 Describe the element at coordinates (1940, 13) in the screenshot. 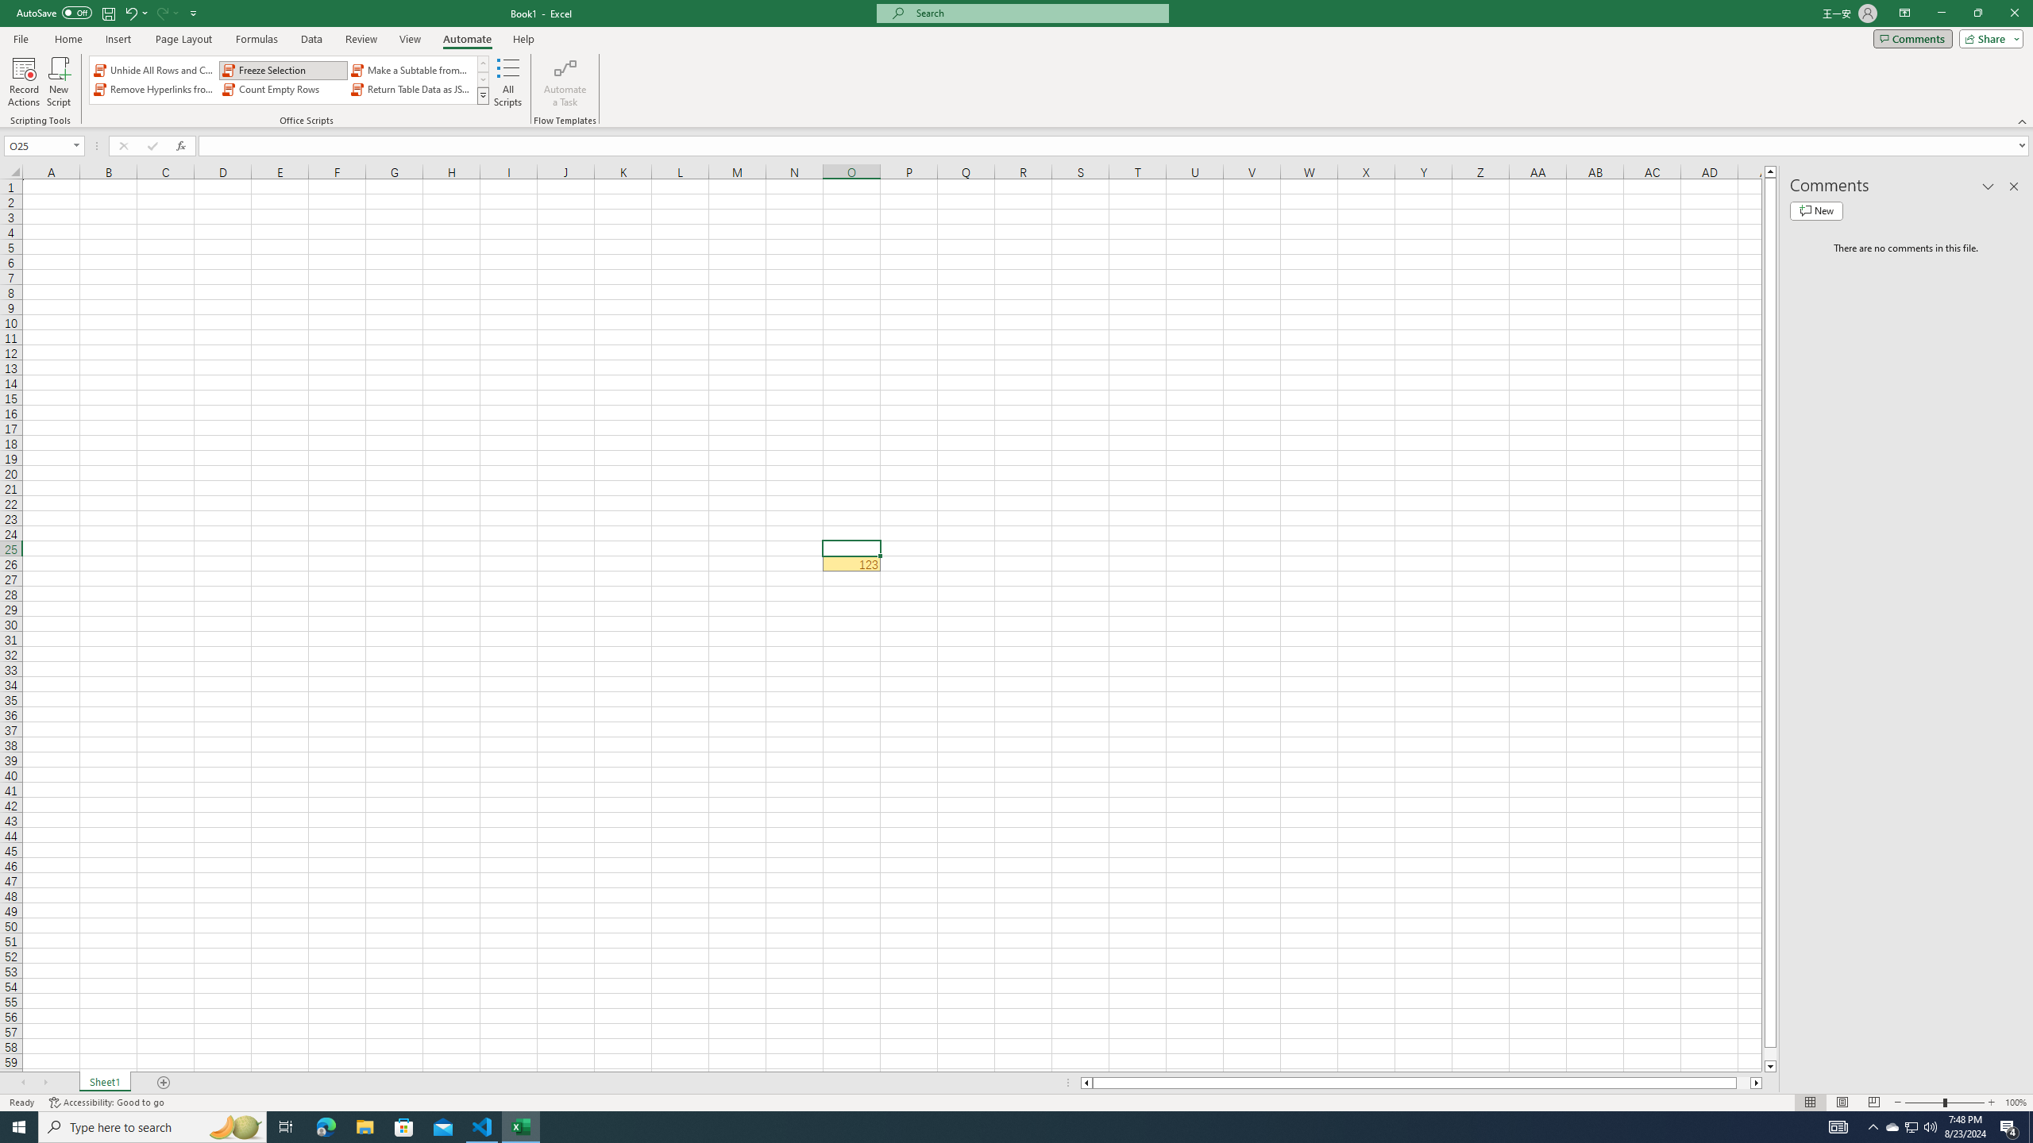

I see `'Minimize'` at that location.